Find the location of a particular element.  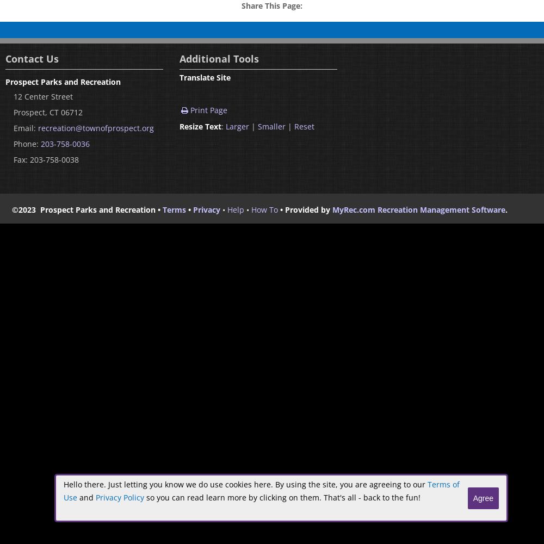

'Larger' is located at coordinates (237, 125).